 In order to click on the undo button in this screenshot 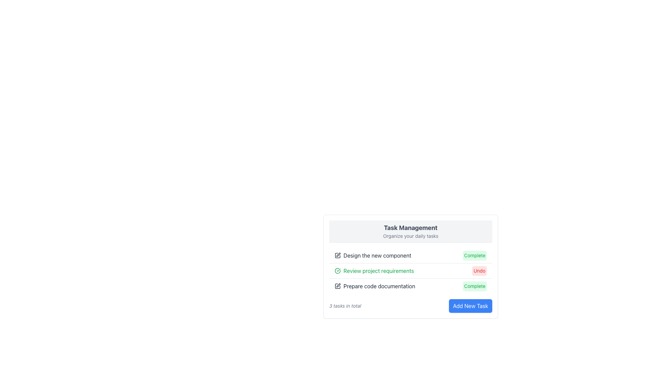, I will do `click(479, 270)`.